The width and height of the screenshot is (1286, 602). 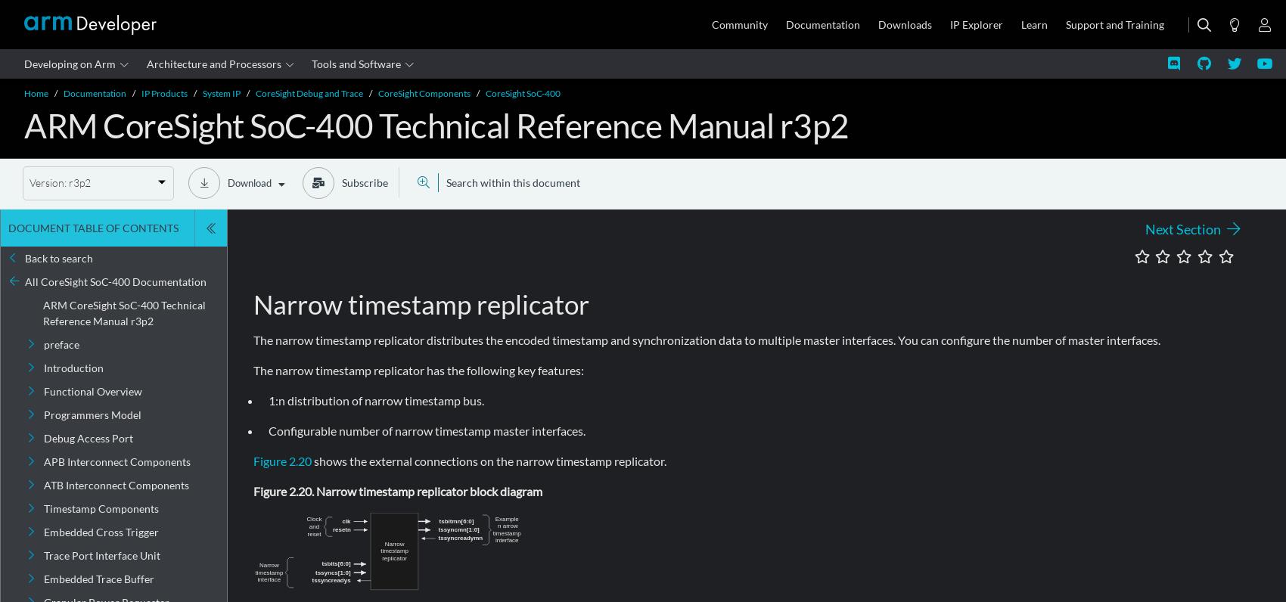 What do you see at coordinates (420, 303) in the screenshot?
I see `'Narrow timestamp replicator'` at bounding box center [420, 303].